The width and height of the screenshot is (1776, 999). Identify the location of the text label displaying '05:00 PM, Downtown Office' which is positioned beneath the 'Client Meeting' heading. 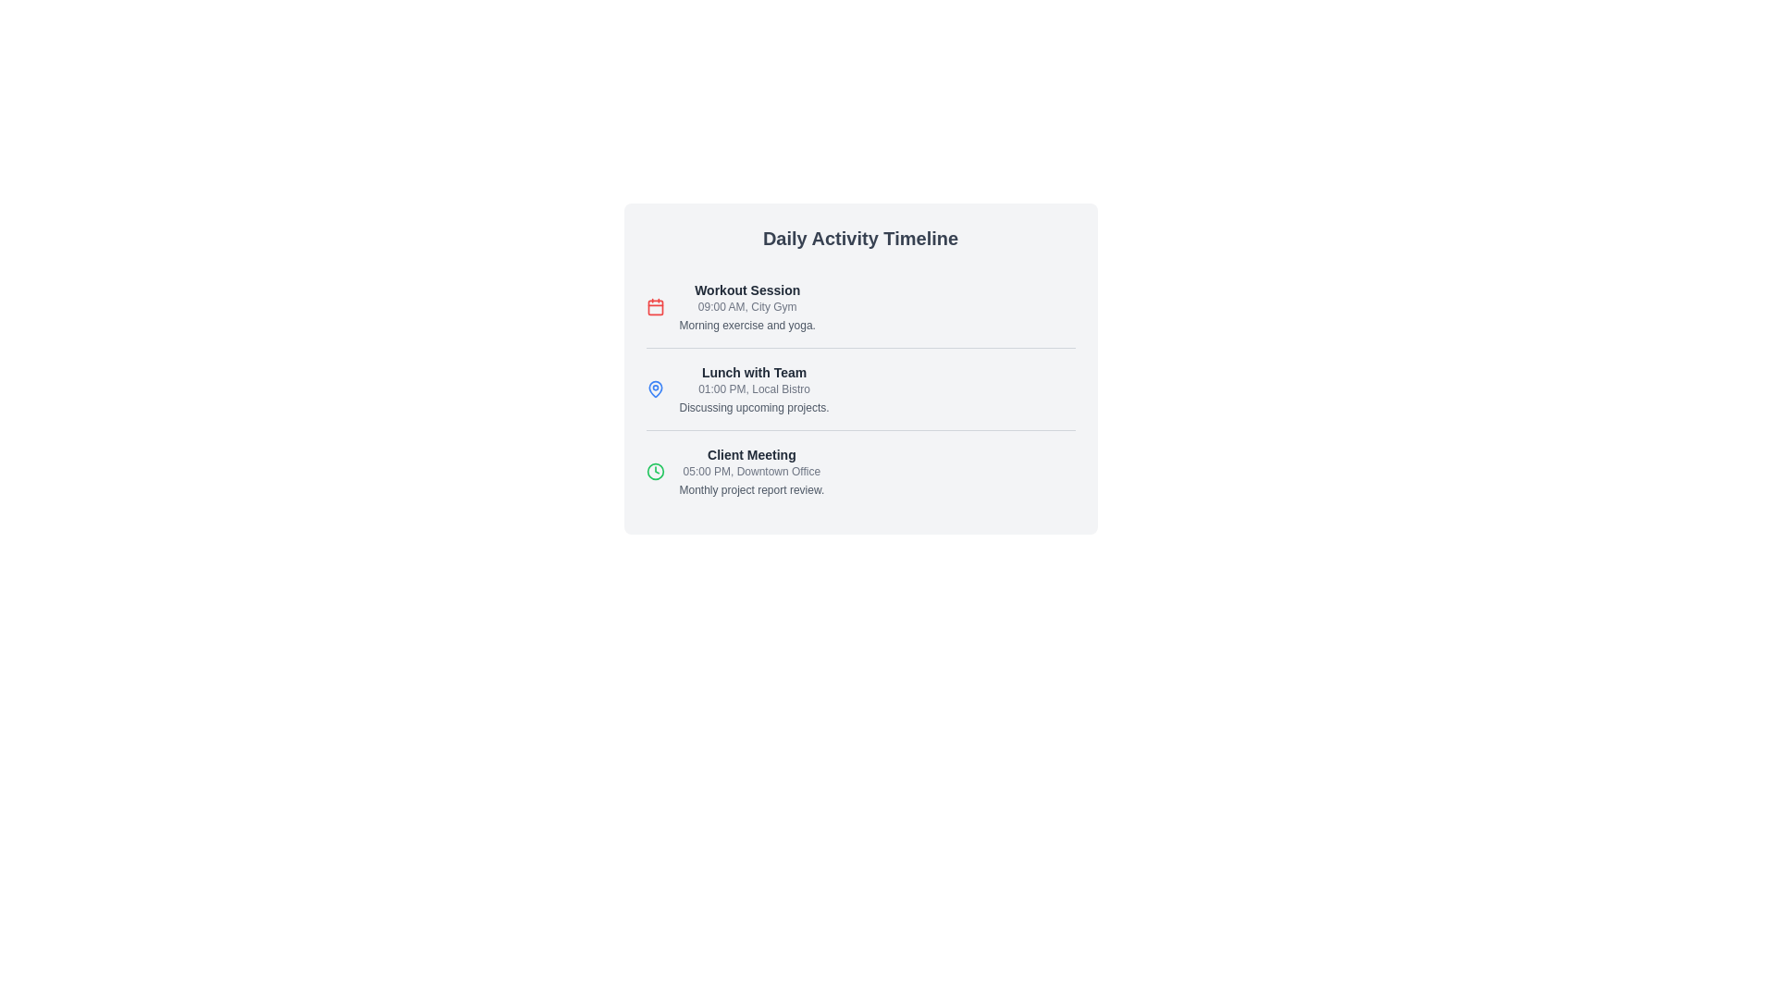
(751, 470).